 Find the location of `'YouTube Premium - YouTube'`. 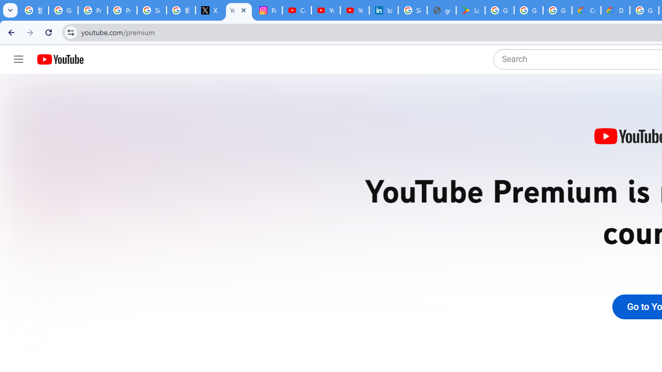

'YouTube Premium - YouTube' is located at coordinates (238, 10).